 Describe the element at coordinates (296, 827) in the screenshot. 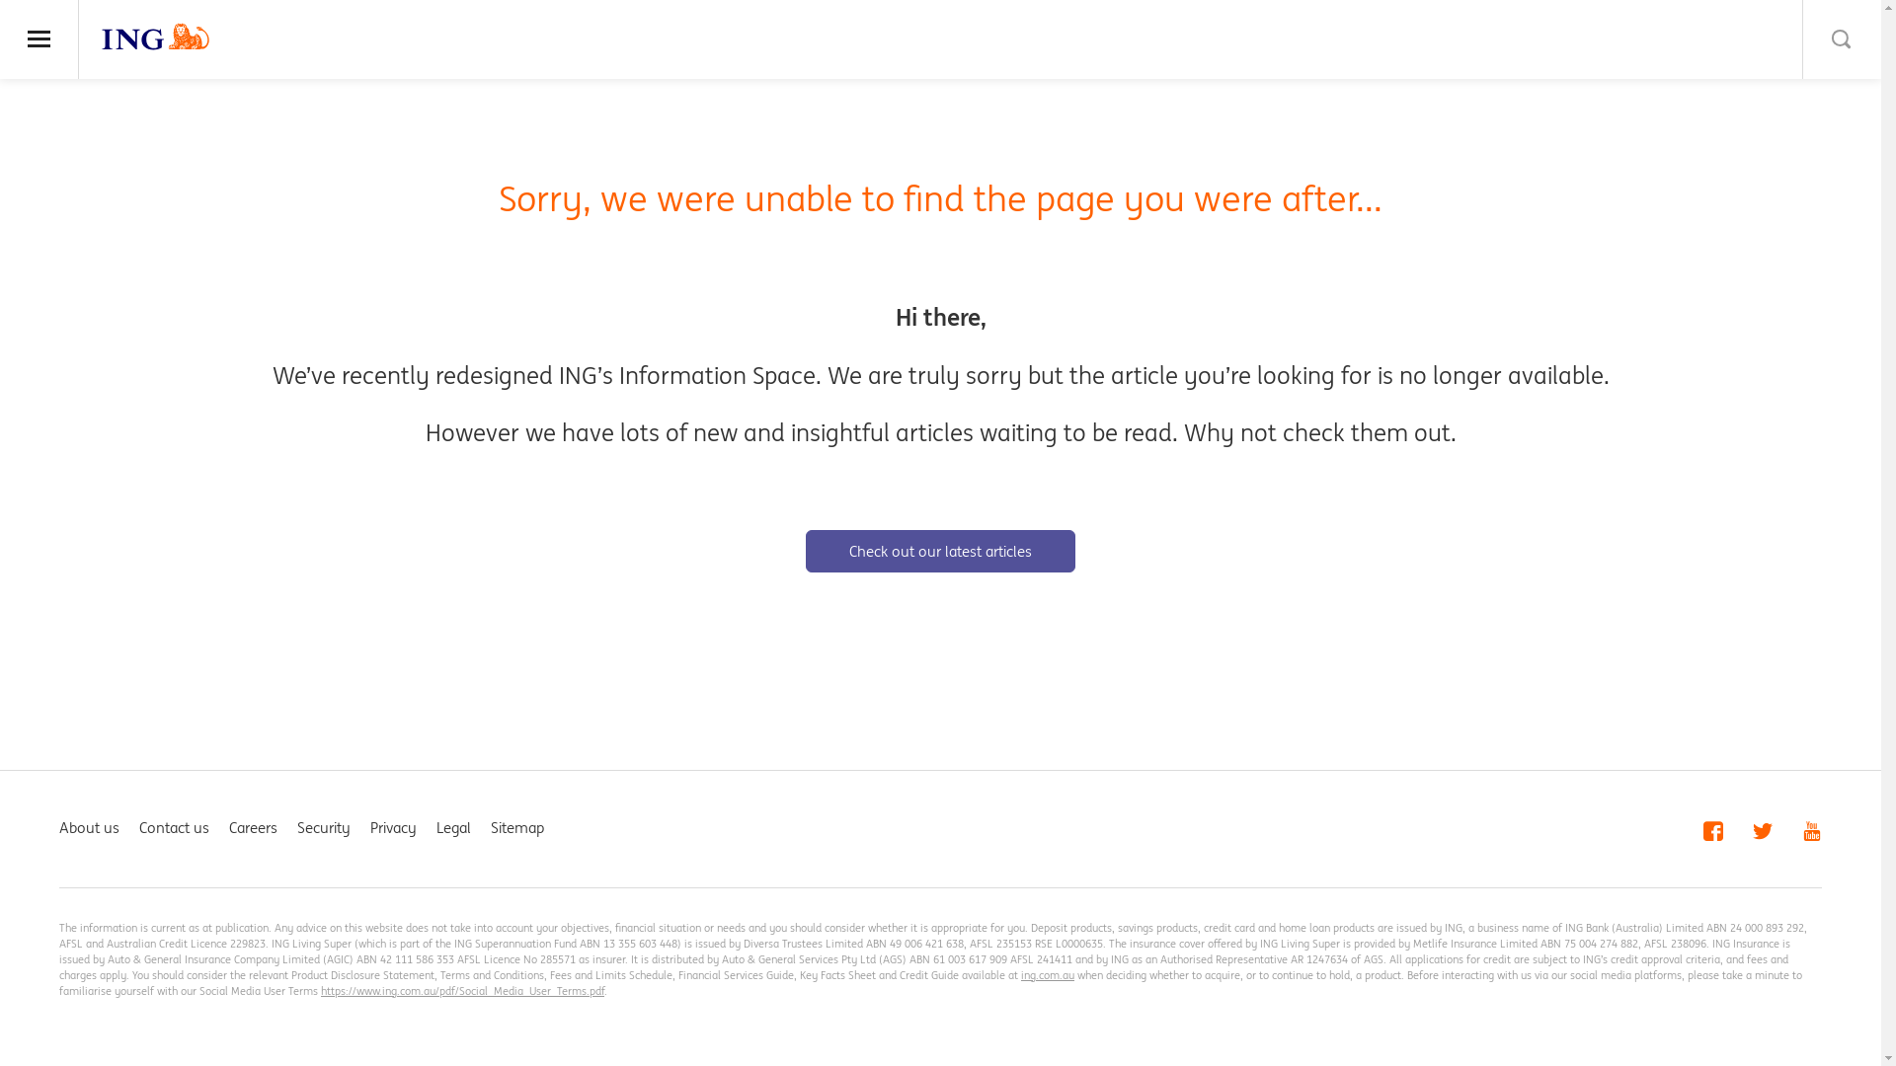

I see `'Security'` at that location.